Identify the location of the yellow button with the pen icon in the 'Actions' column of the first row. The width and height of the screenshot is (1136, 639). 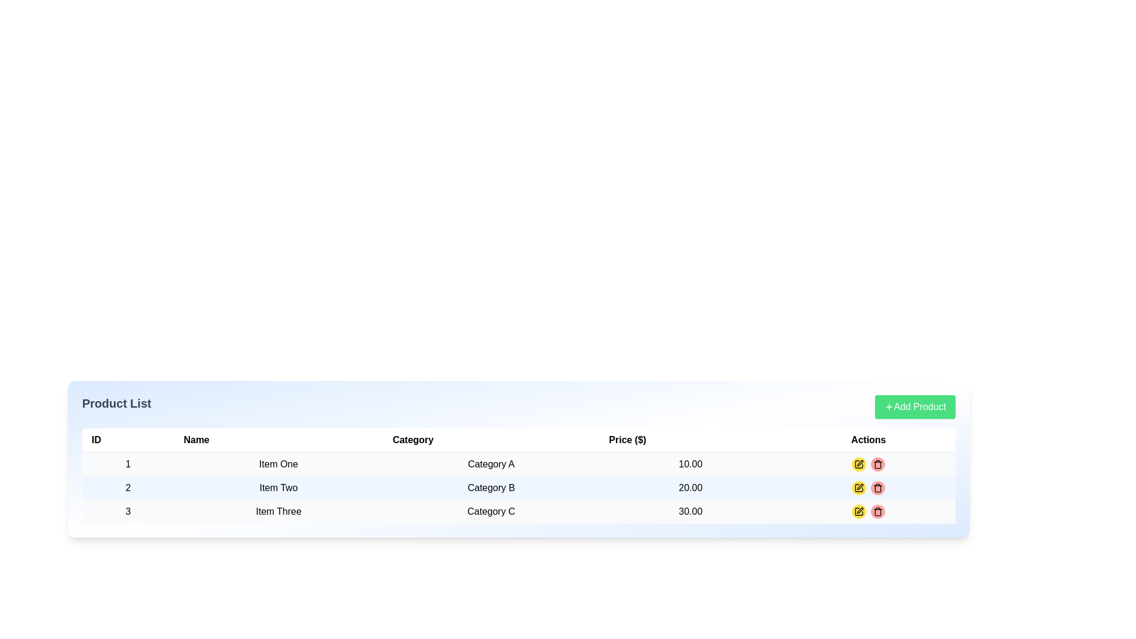
(869, 464).